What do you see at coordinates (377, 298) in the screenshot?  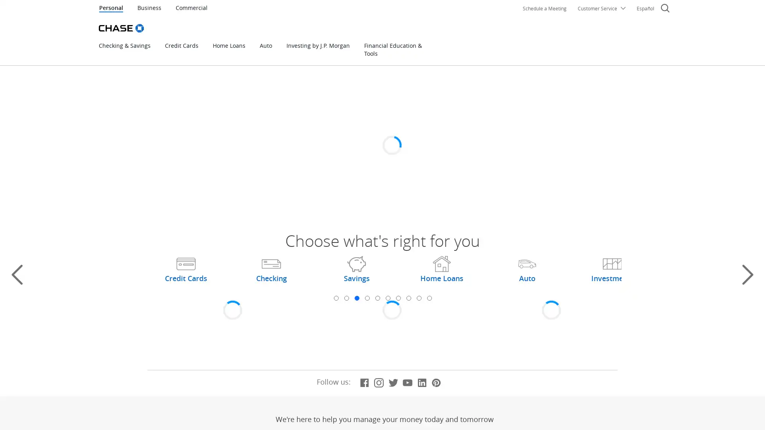 I see `Slide 5 of 10` at bounding box center [377, 298].